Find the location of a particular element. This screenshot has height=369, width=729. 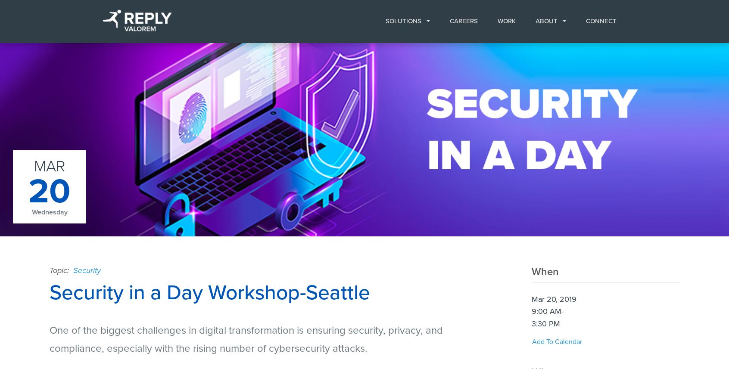

'Add To Calendar' is located at coordinates (557, 341).